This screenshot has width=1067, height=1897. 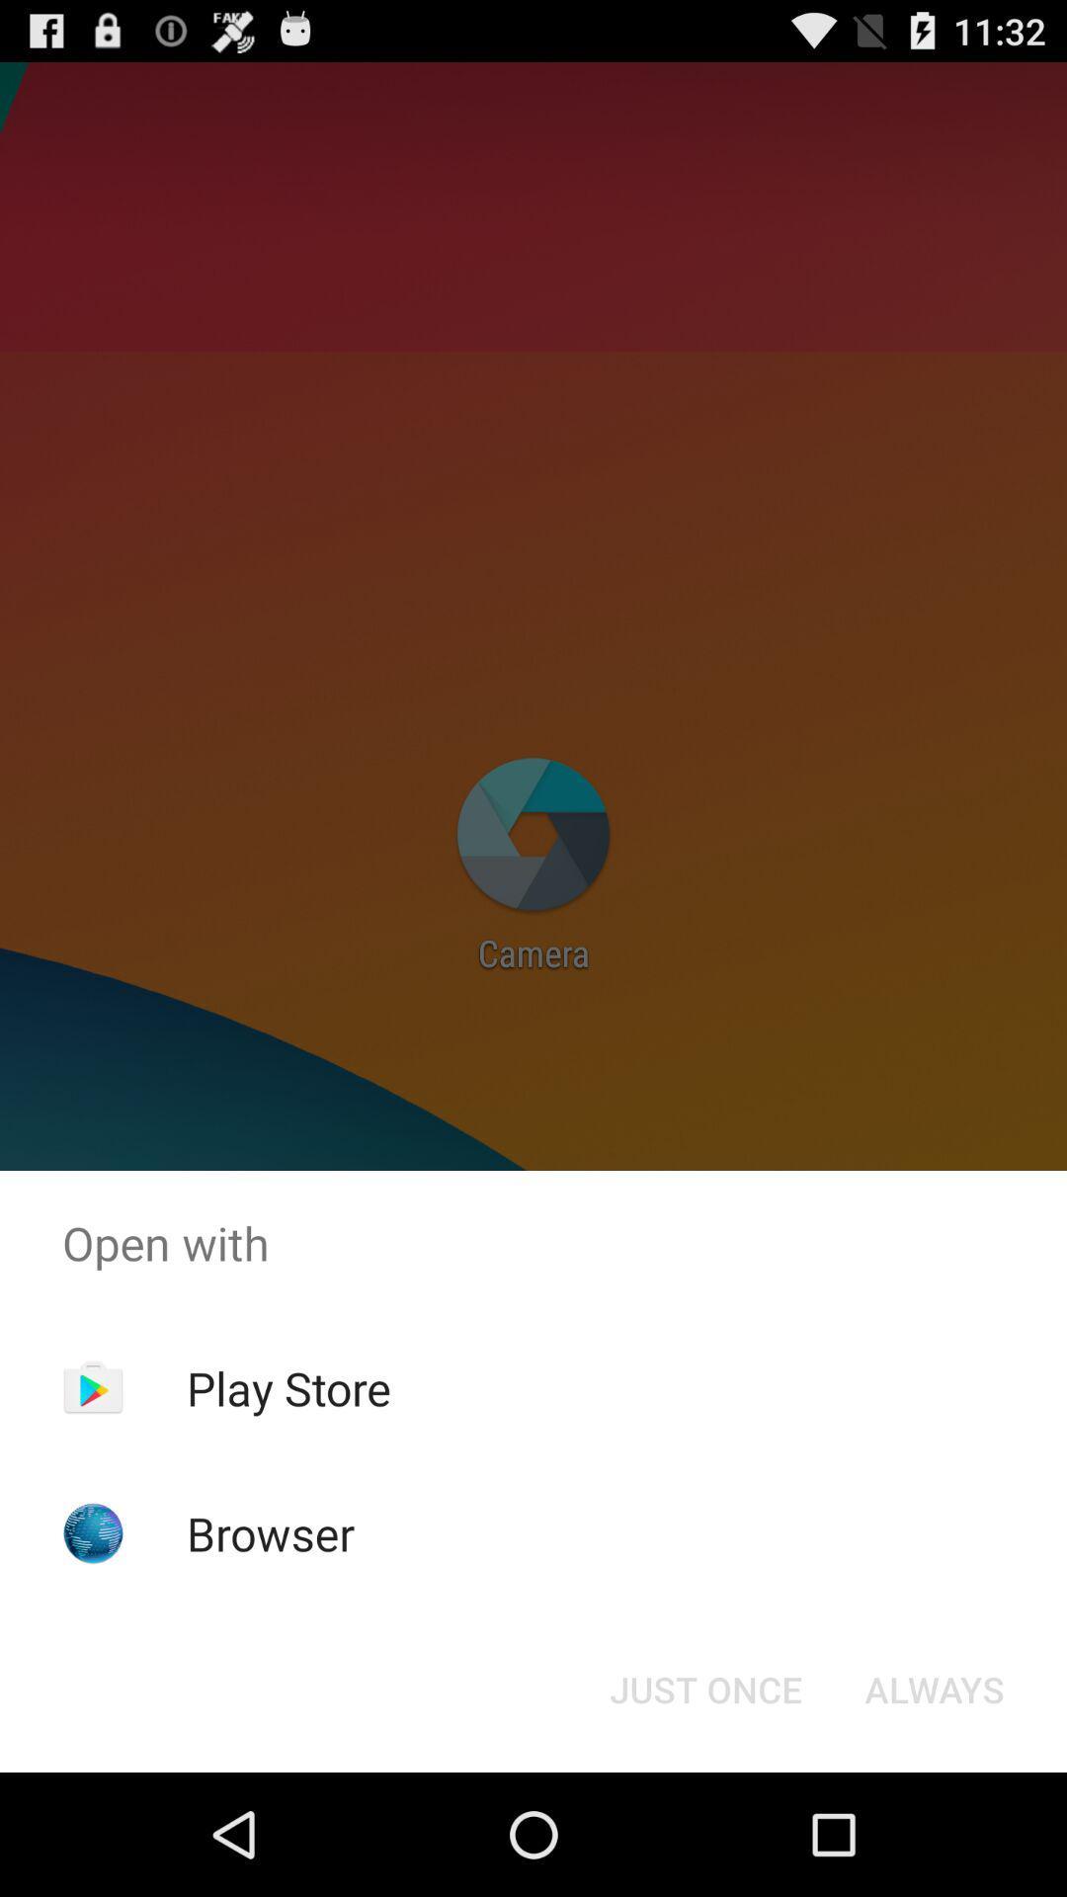 What do you see at coordinates (271, 1532) in the screenshot?
I see `app below the play store` at bounding box center [271, 1532].